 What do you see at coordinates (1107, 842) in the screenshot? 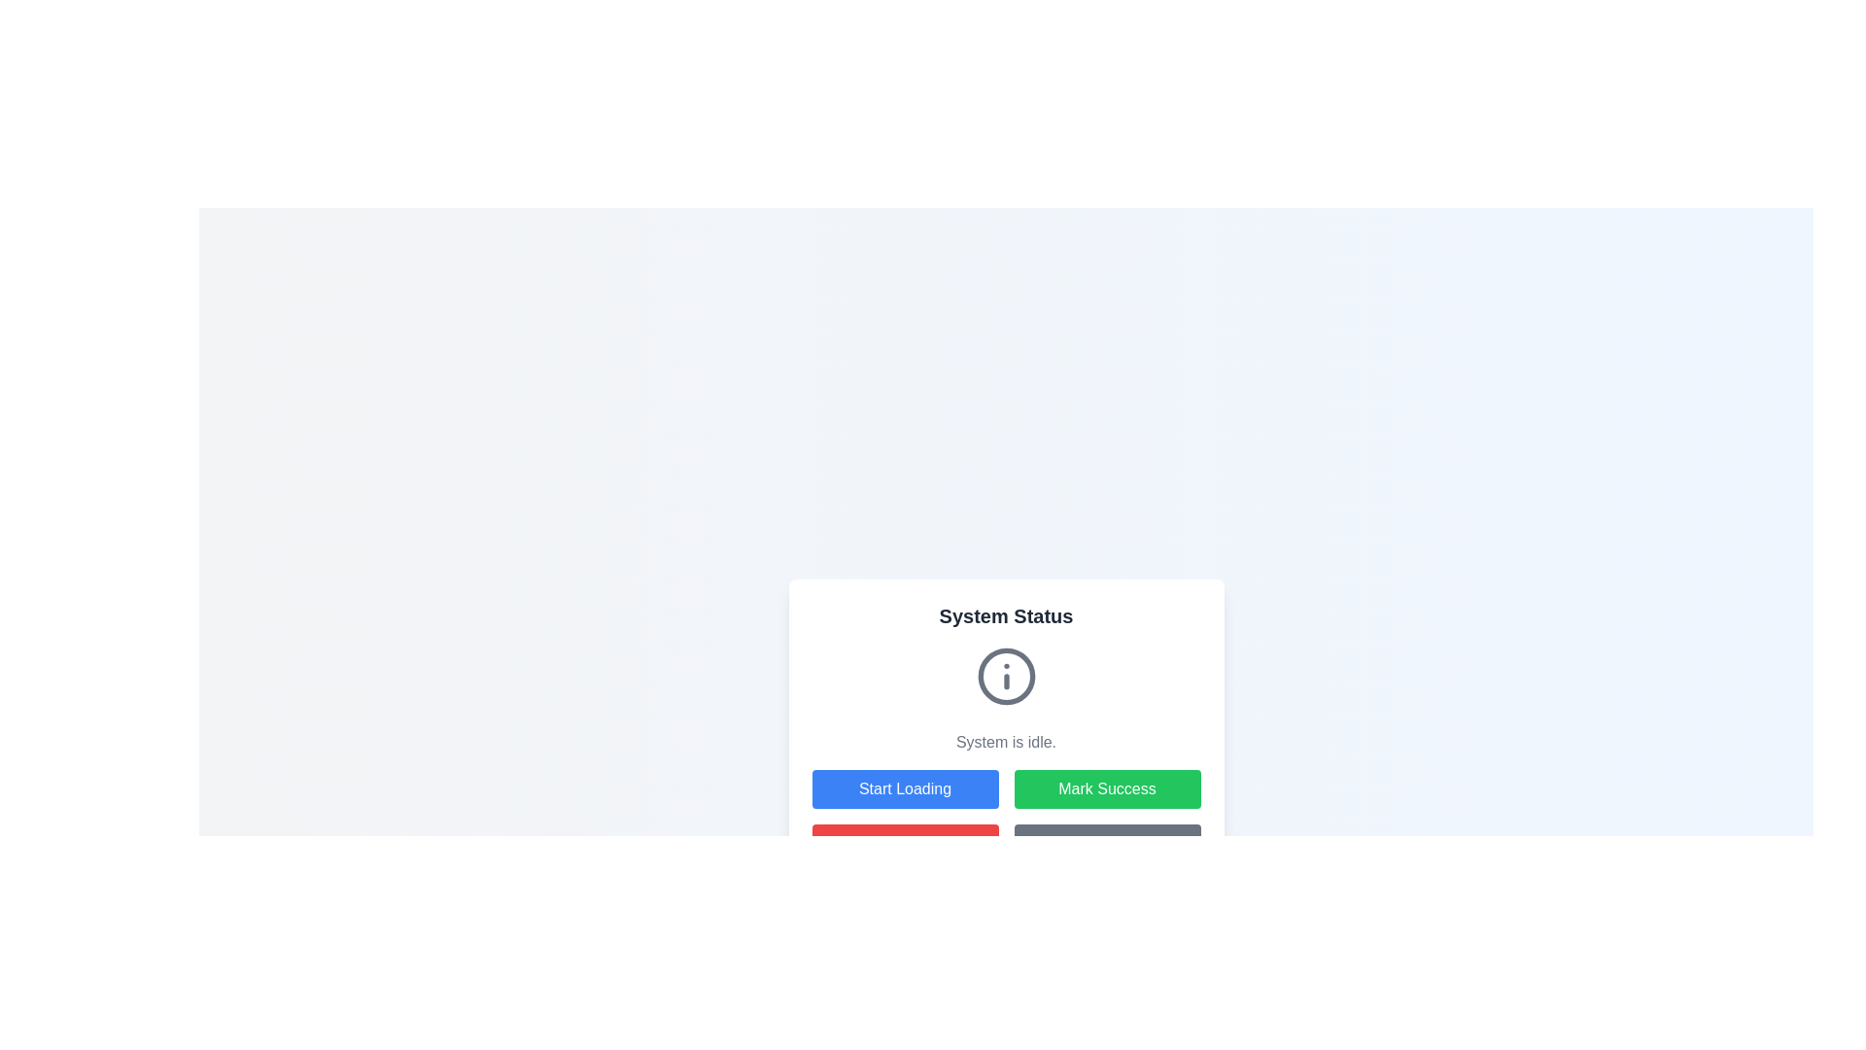
I see `the reset system status button, which is the fourth option in the button group below the 'System Status' title, to change its color` at bounding box center [1107, 842].